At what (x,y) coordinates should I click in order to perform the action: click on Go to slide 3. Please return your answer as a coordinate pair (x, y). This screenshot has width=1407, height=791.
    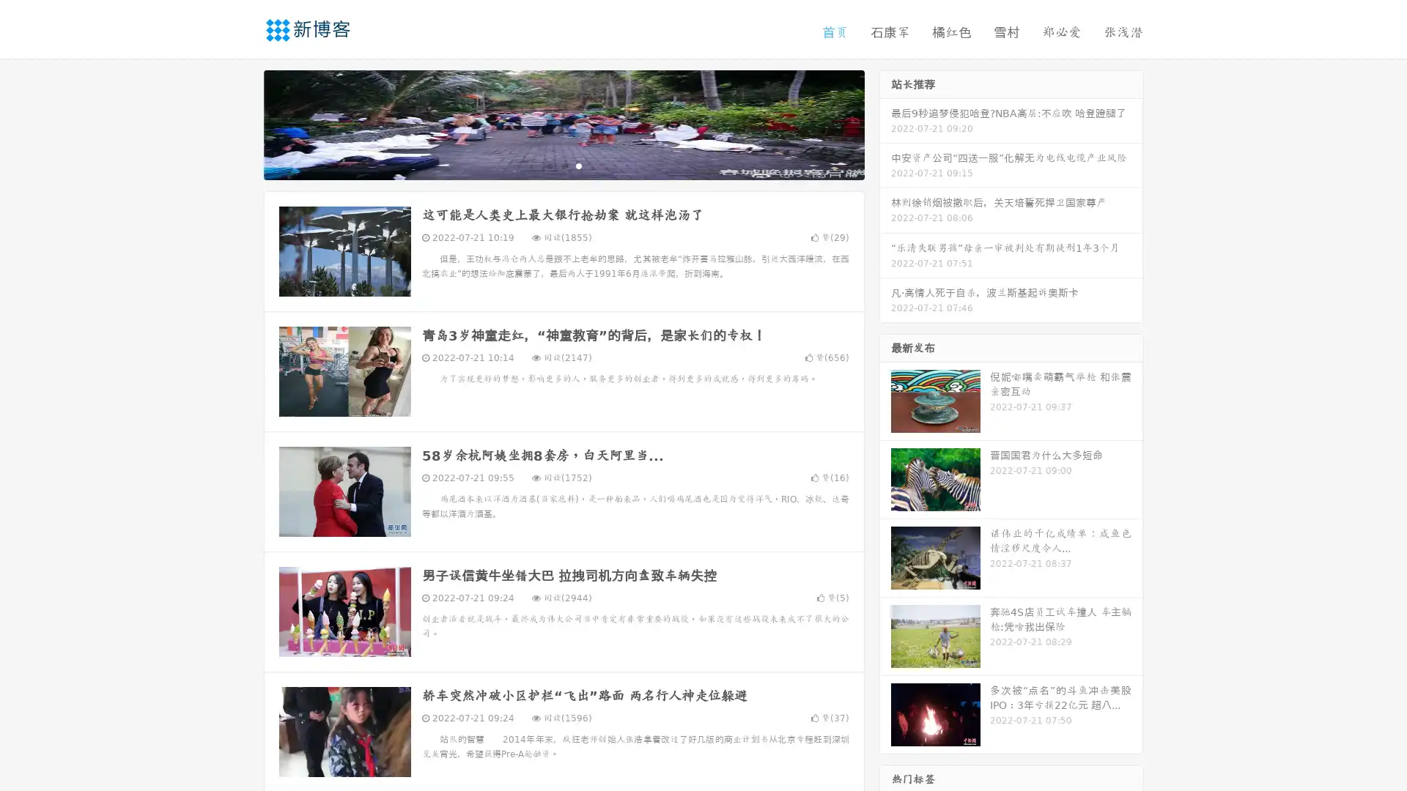
    Looking at the image, I should click on (578, 165).